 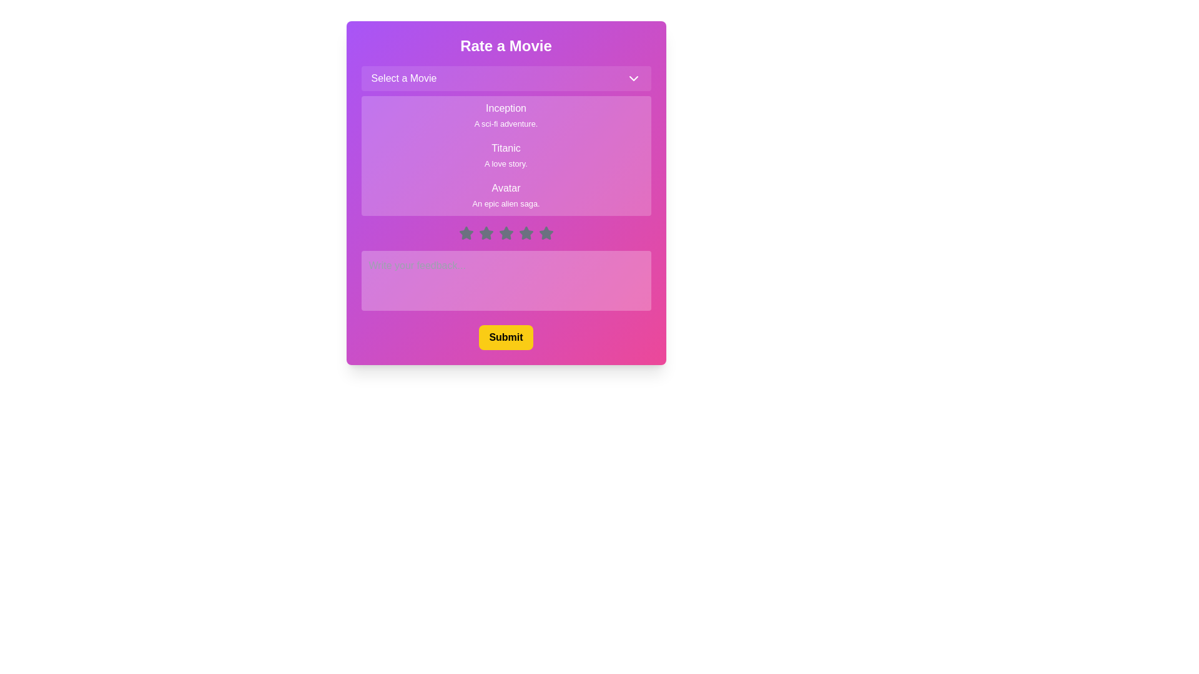 What do you see at coordinates (485, 233) in the screenshot?
I see `the third star icon in the 'Rate a Movie' section` at bounding box center [485, 233].